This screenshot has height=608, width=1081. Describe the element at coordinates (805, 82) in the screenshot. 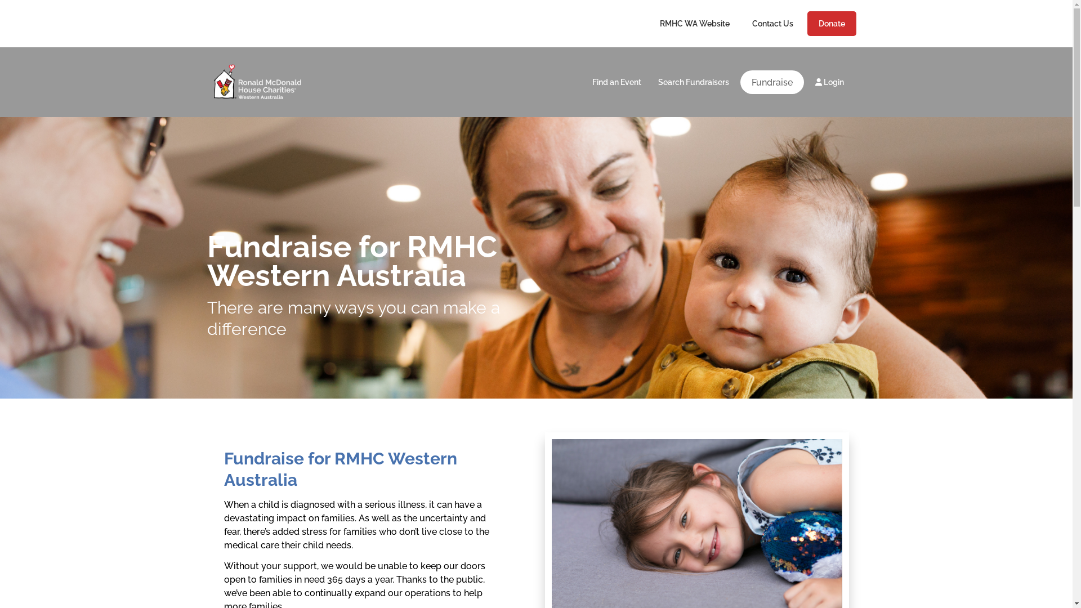

I see `'Login'` at that location.